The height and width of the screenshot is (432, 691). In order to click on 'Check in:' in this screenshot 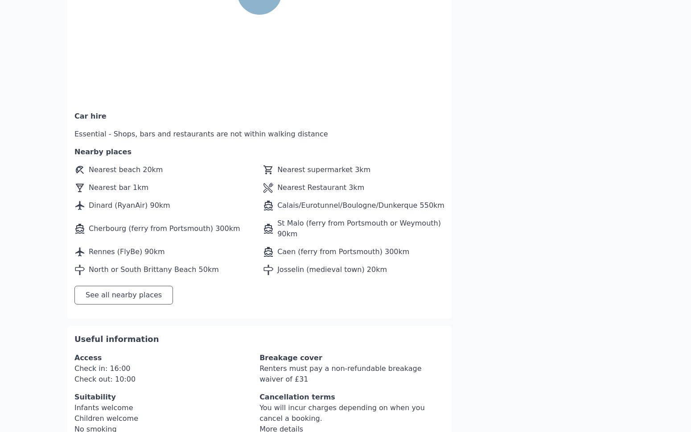, I will do `click(91, 341)`.